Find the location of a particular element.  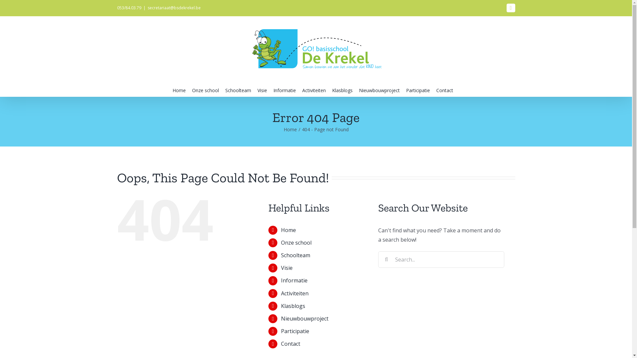

'Activiteiten' is located at coordinates (302, 89).